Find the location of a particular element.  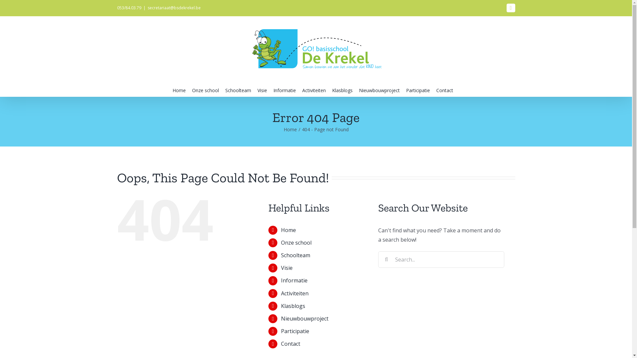

'Activiteiten' is located at coordinates (302, 89).